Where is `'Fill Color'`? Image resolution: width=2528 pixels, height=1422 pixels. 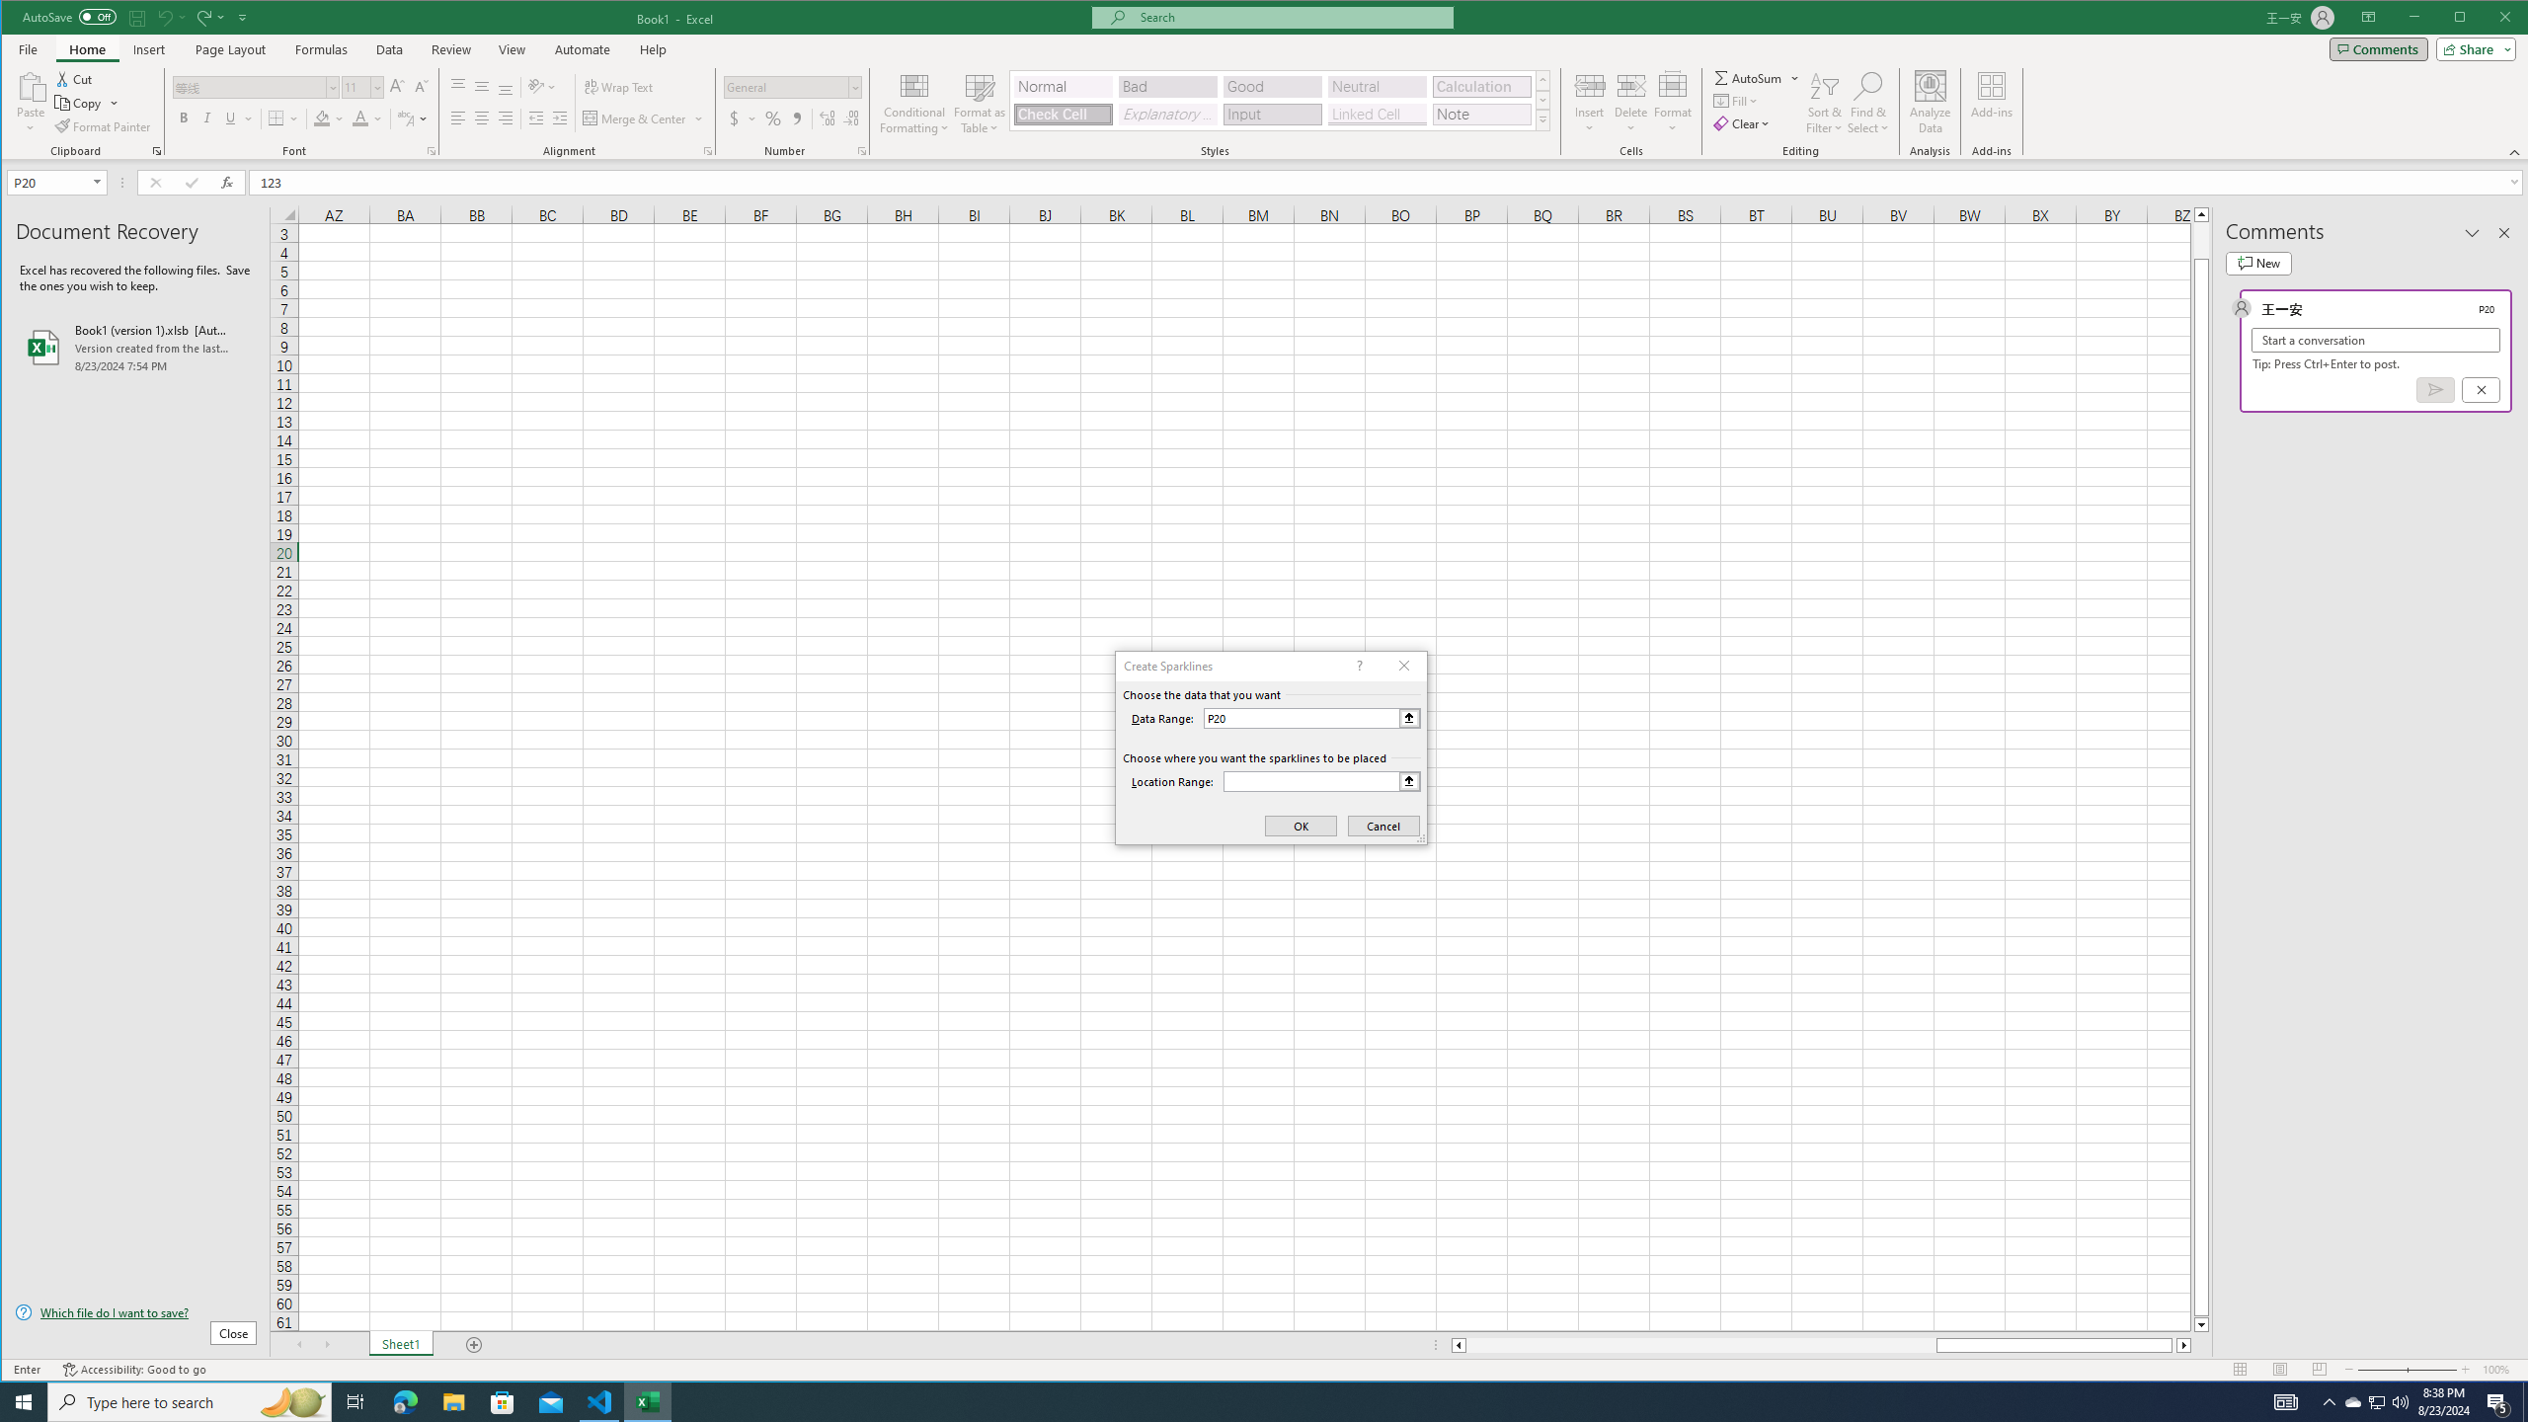 'Fill Color' is located at coordinates (330, 118).